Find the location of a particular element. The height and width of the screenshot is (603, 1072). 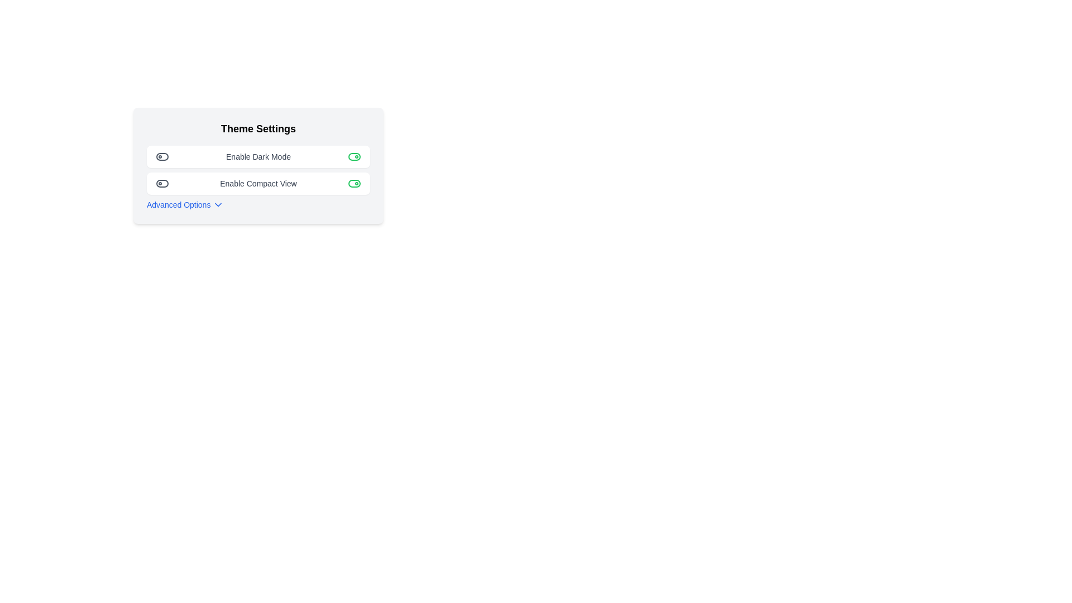

the toggle switch is located at coordinates (162, 183).